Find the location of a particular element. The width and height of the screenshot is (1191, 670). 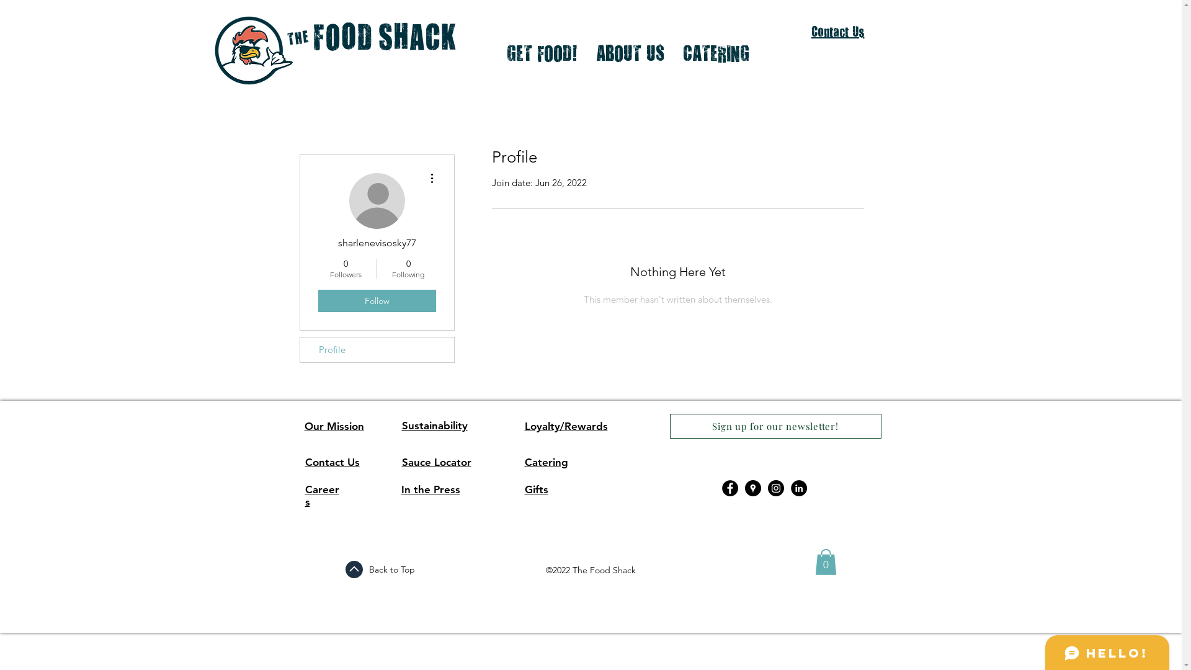

'Careers' is located at coordinates (322, 494).